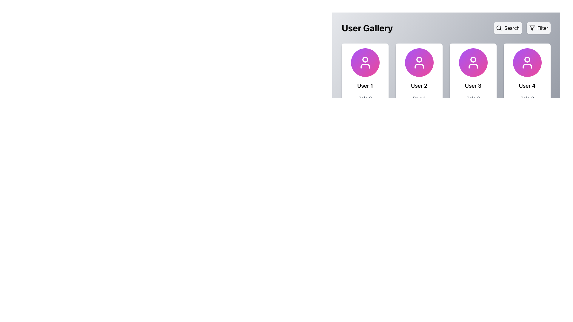 Image resolution: width=573 pixels, height=322 pixels. What do you see at coordinates (419, 86) in the screenshot?
I see `text content of the label displaying 'User 2', which is centrally aligned below the avatar icon in the user profile card` at bounding box center [419, 86].